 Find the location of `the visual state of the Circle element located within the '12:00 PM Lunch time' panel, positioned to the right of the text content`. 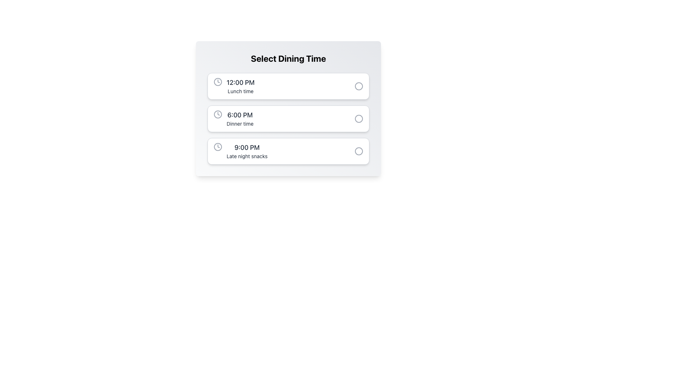

the visual state of the Circle element located within the '12:00 PM Lunch time' panel, positioned to the right of the text content is located at coordinates (359, 86).